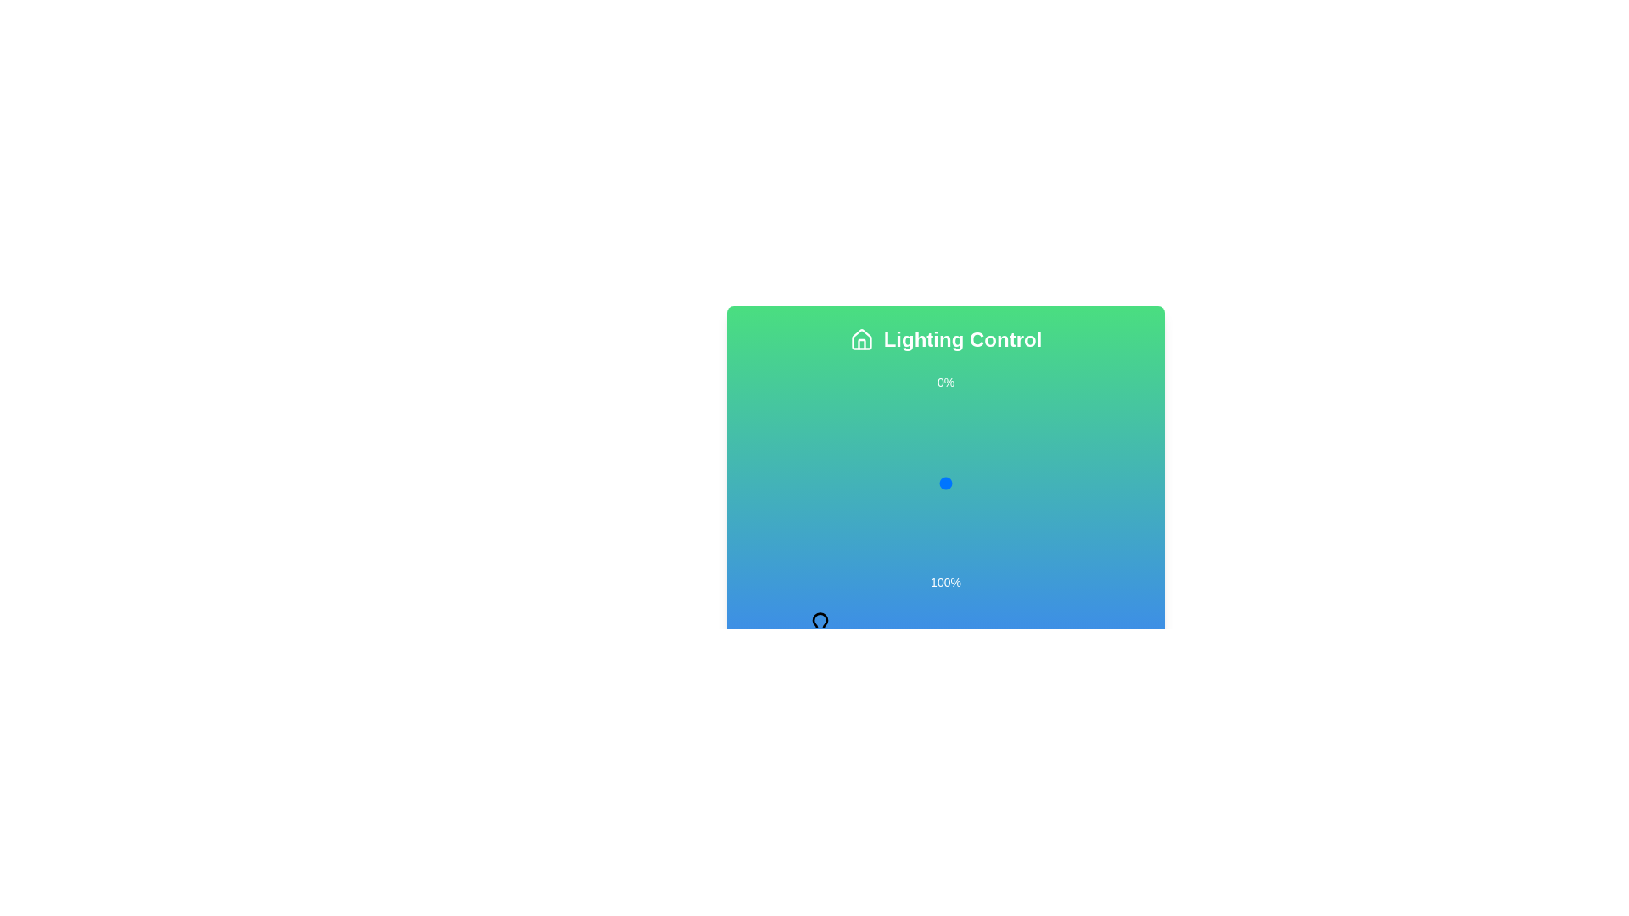 The height and width of the screenshot is (916, 1629). I want to click on the lighting level percentage, so click(962, 483).